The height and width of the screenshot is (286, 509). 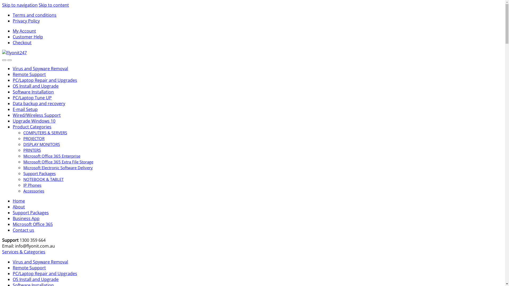 What do you see at coordinates (25, 109) in the screenshot?
I see `'E-mail Setup'` at bounding box center [25, 109].